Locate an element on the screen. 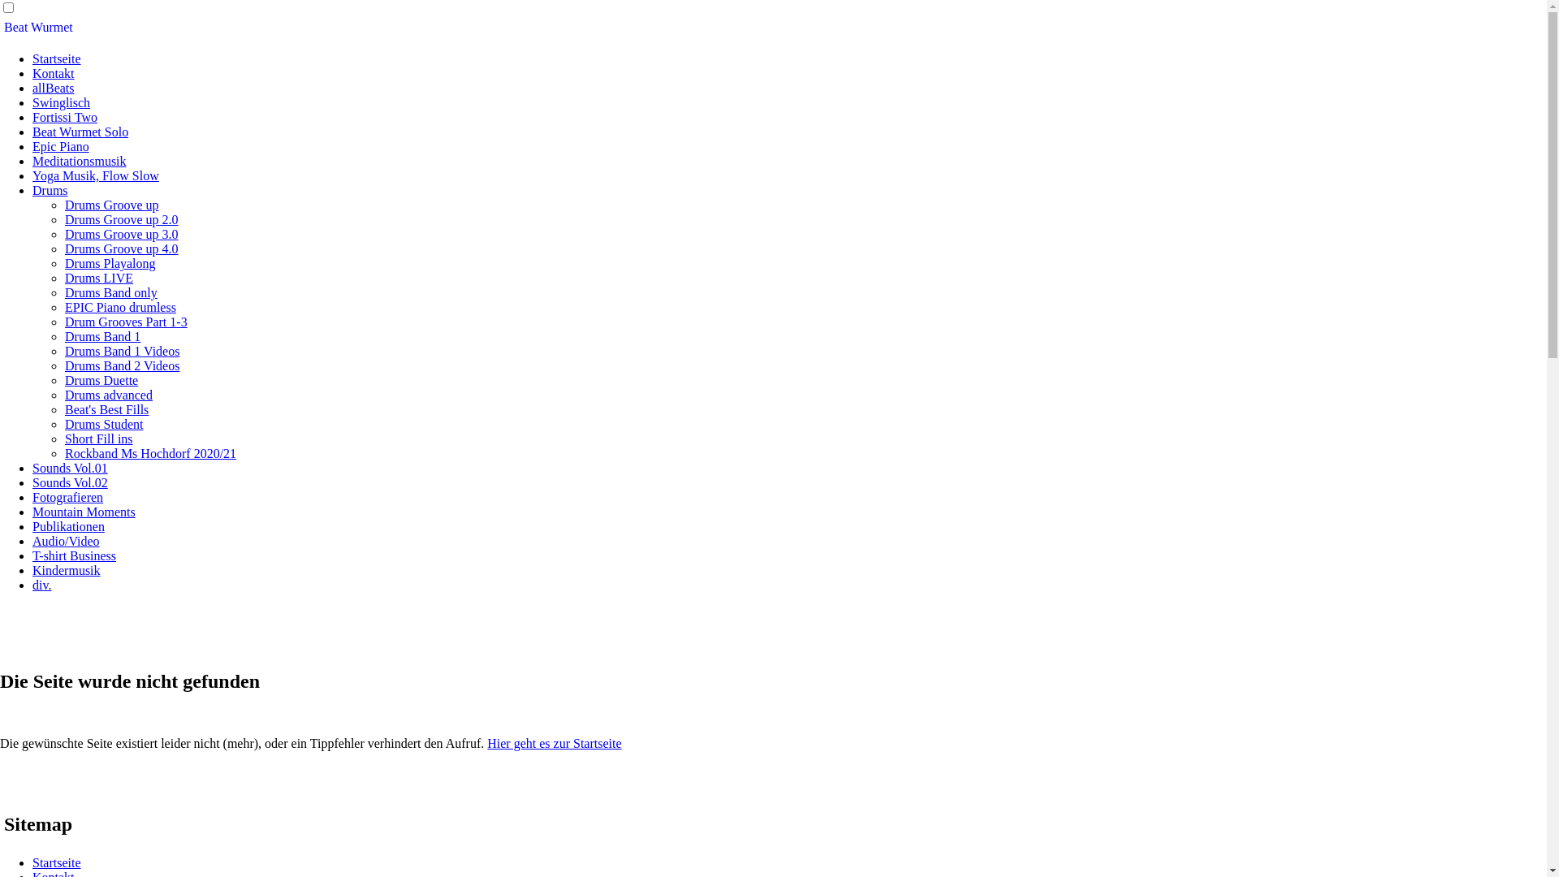 This screenshot has height=877, width=1559. 'Drums Groove up 2.0' is located at coordinates (120, 219).